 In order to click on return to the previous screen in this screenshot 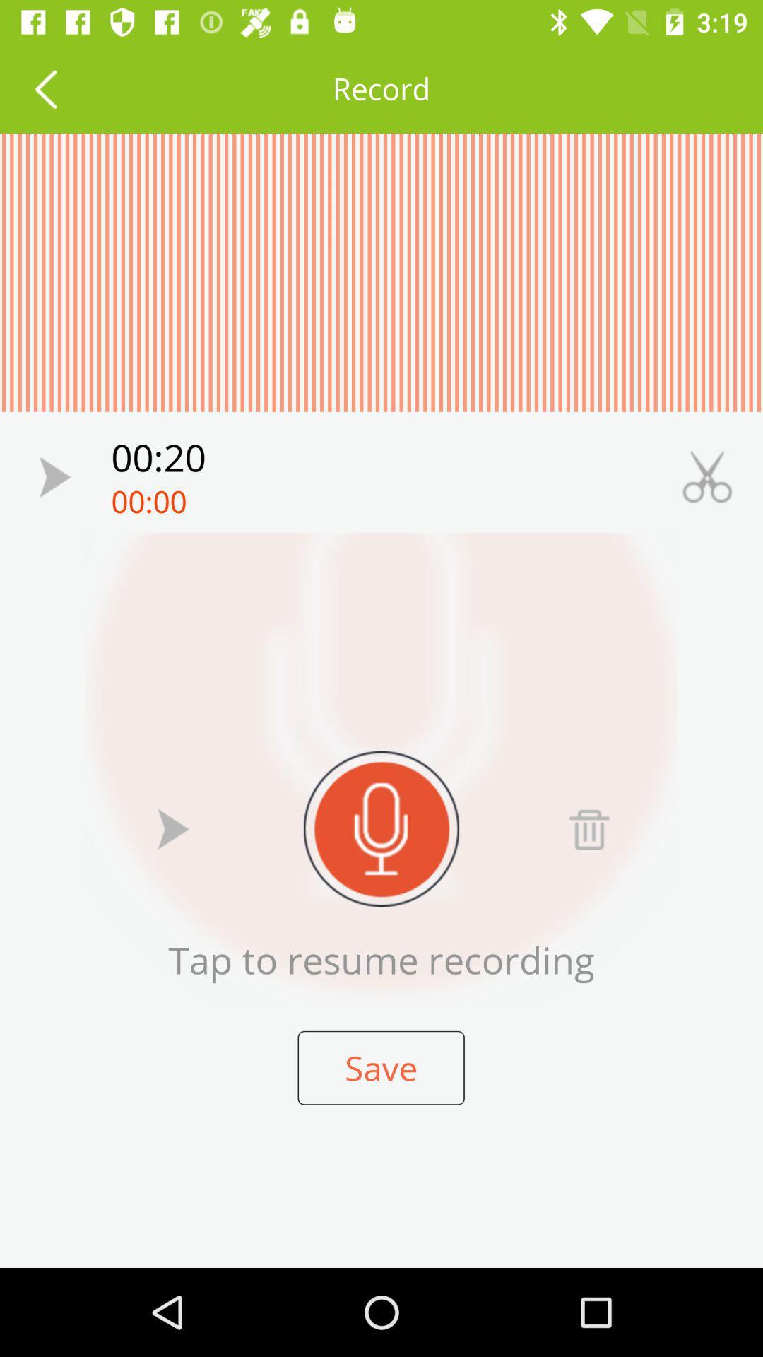, I will do `click(45, 88)`.